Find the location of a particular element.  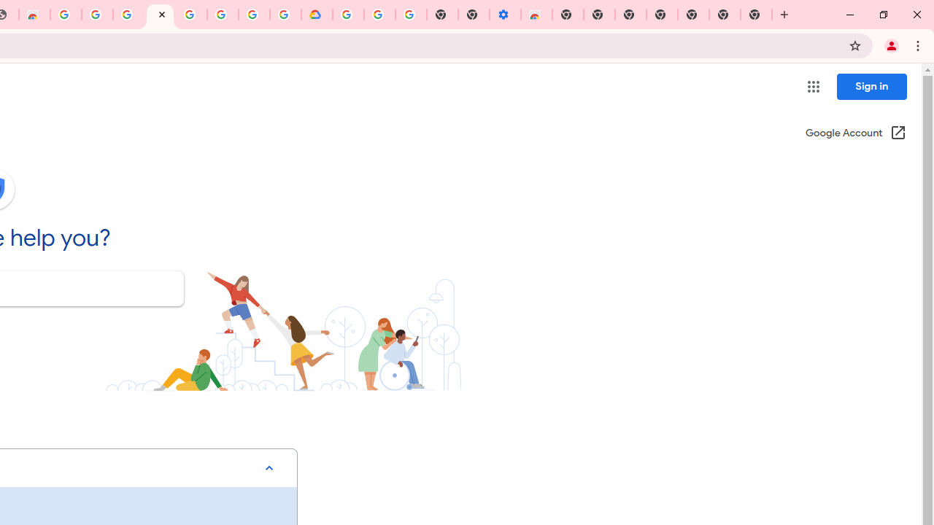

'Google Account Help' is located at coordinates (160, 15).